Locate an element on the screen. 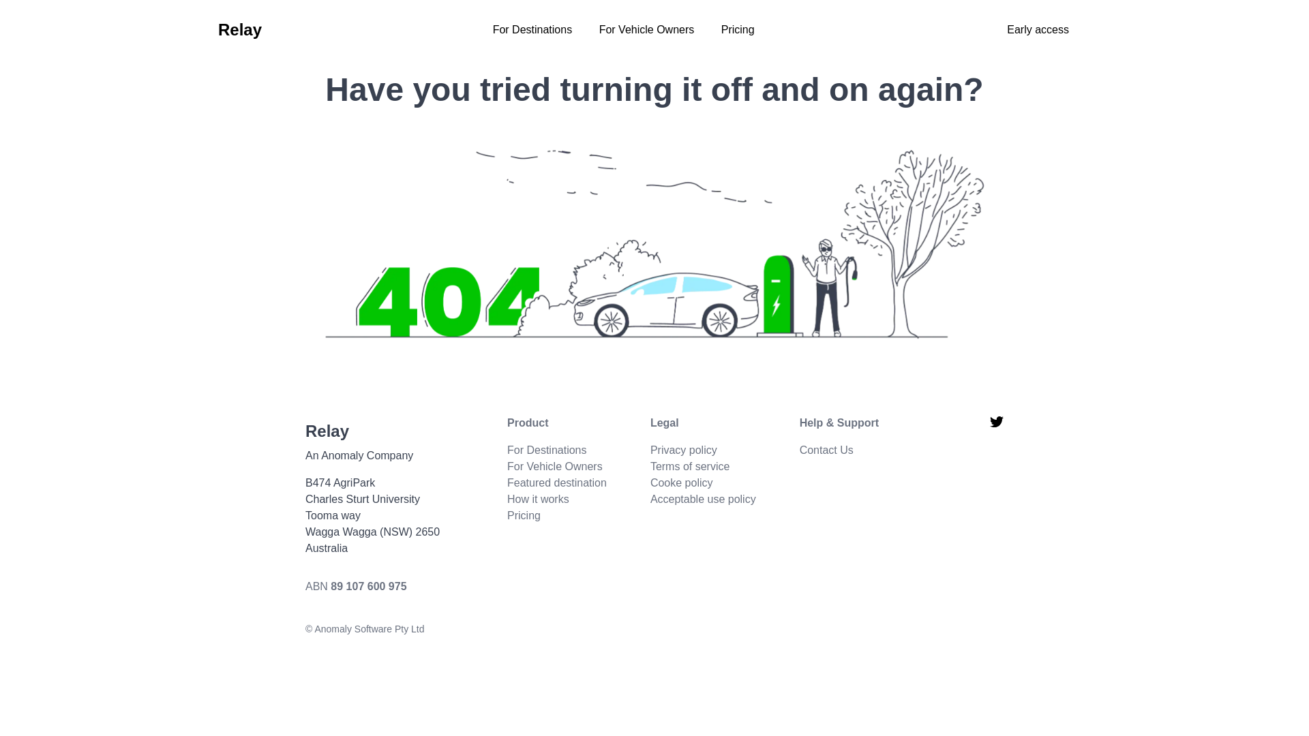  '89 107 600 975' is located at coordinates (368, 585).